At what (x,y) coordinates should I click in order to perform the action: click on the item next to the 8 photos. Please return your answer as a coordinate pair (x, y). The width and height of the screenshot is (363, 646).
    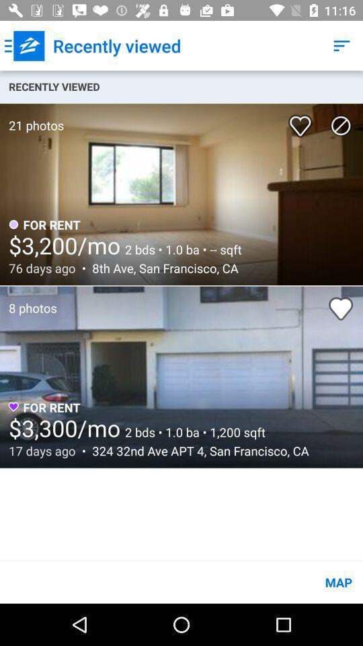
    Looking at the image, I should click on (341, 308).